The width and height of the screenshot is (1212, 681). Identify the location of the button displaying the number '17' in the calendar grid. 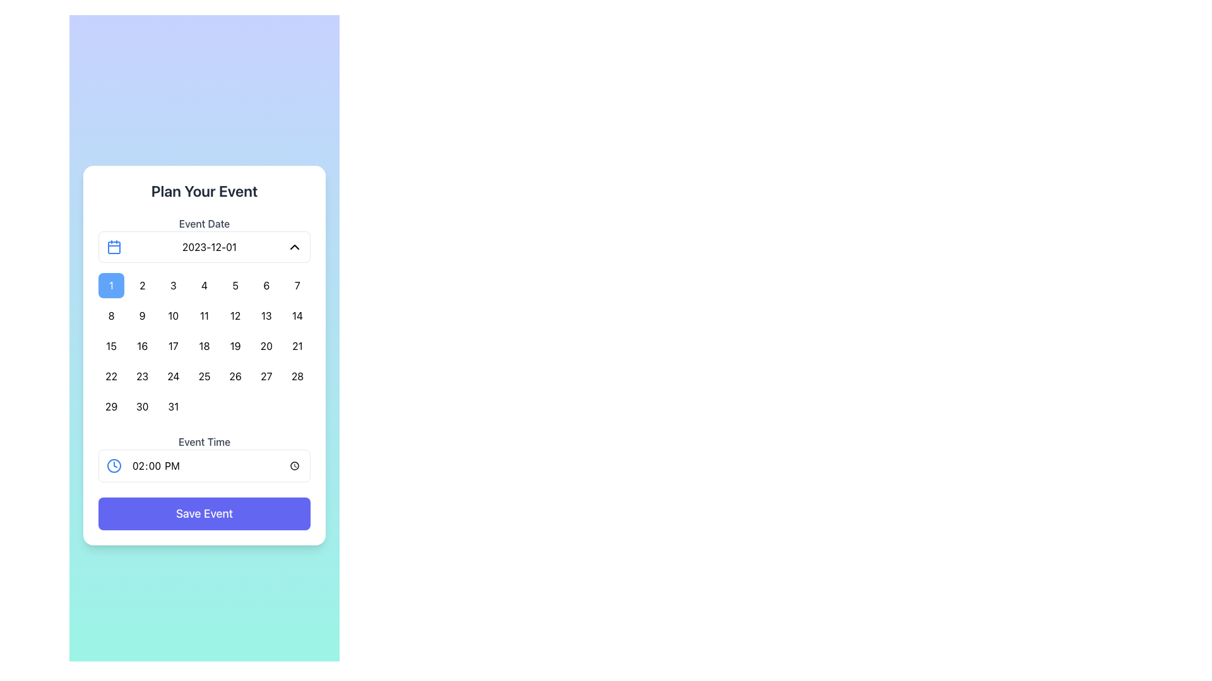
(172, 346).